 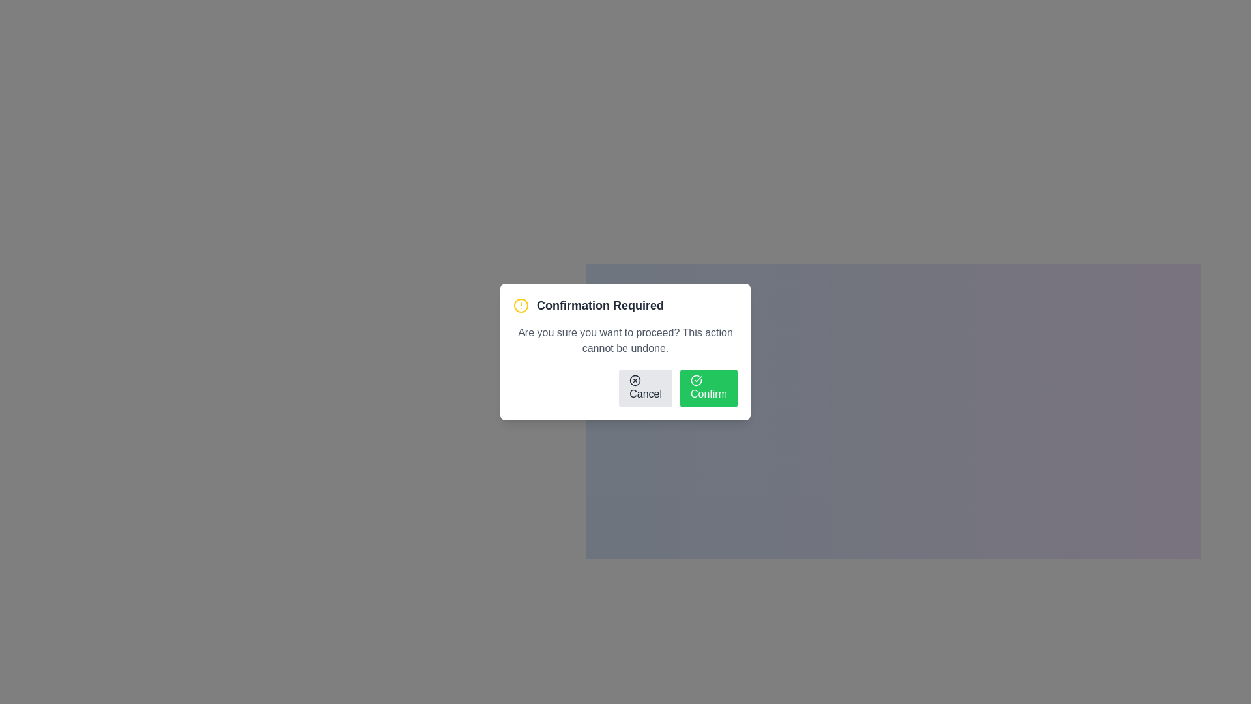 What do you see at coordinates (635, 380) in the screenshot?
I see `the appearance of the 'cancel' icon, a small circular graphic with a crossed line inside it, located within the 'Cancel' button at the bottom section of the modal confirmation dialog box` at bounding box center [635, 380].